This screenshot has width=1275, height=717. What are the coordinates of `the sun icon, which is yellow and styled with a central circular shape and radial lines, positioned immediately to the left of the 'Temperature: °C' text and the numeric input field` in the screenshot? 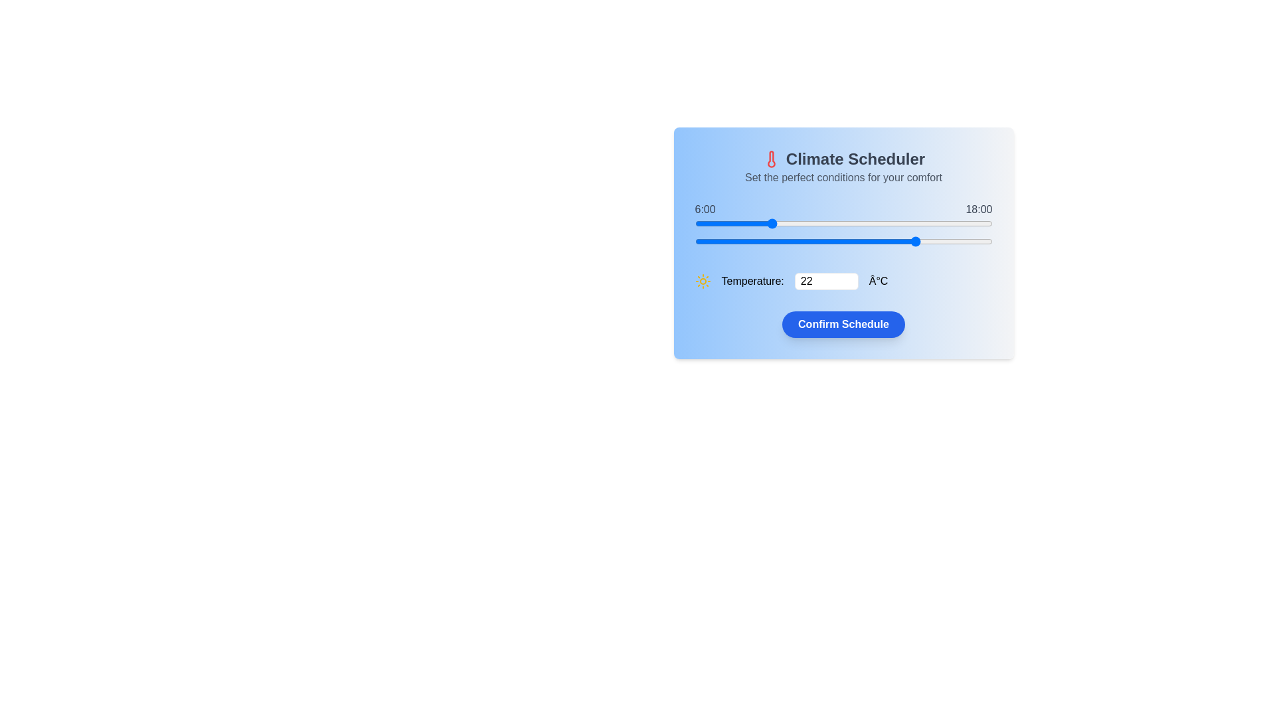 It's located at (702, 281).